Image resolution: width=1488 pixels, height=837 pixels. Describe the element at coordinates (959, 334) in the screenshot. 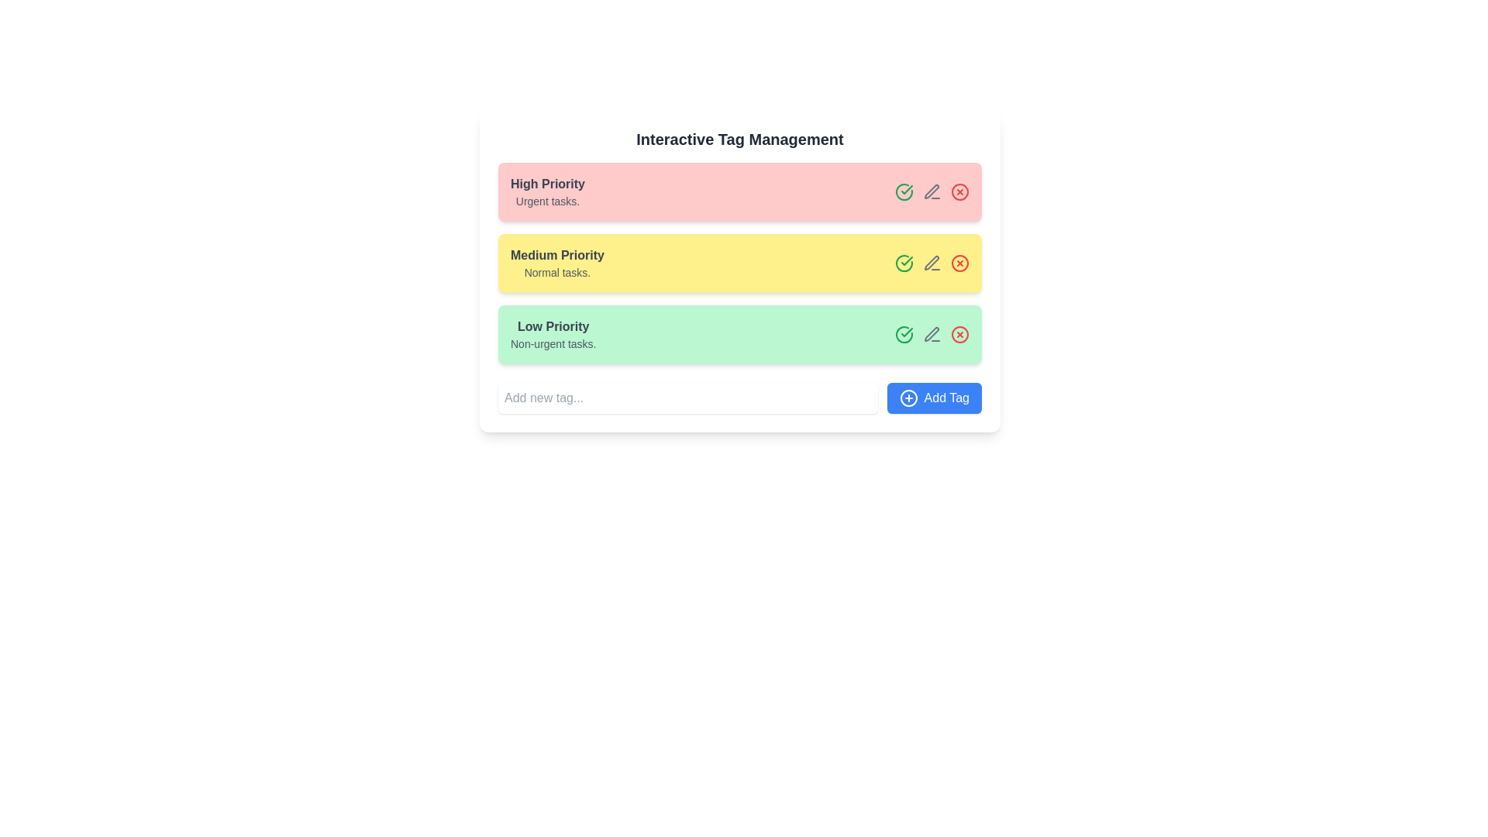

I see `the circular button with a red border containing an 'X' symbol, located at the far-right side of the green 'Low Priority' section` at that location.